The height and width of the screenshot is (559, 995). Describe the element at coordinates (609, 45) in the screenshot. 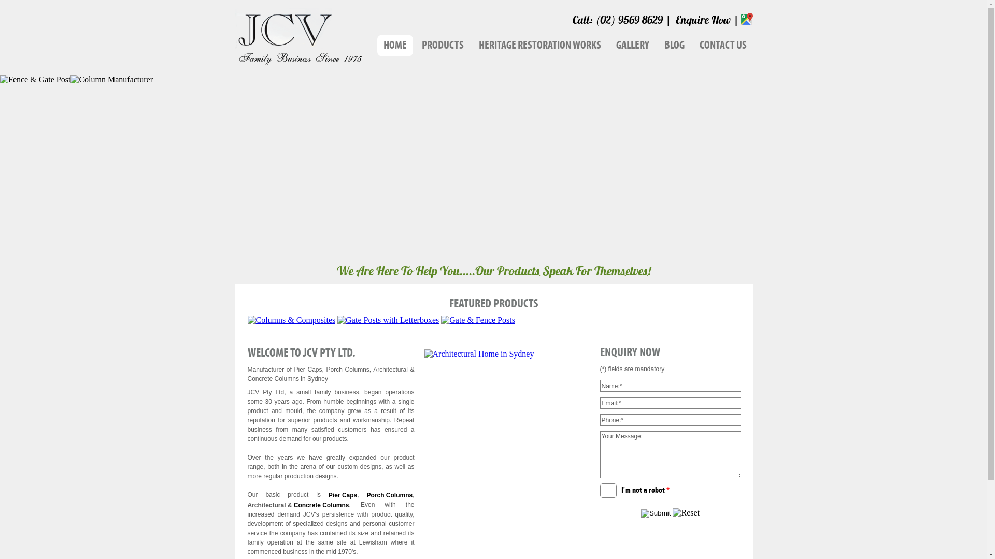

I see `'GALLERY'` at that location.